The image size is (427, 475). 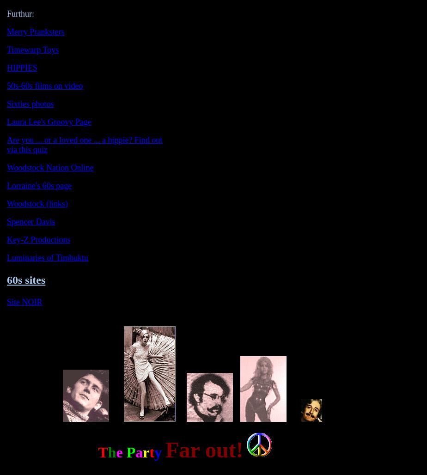 What do you see at coordinates (50, 167) in the screenshot?
I see `'Woodstock Nation Online'` at bounding box center [50, 167].